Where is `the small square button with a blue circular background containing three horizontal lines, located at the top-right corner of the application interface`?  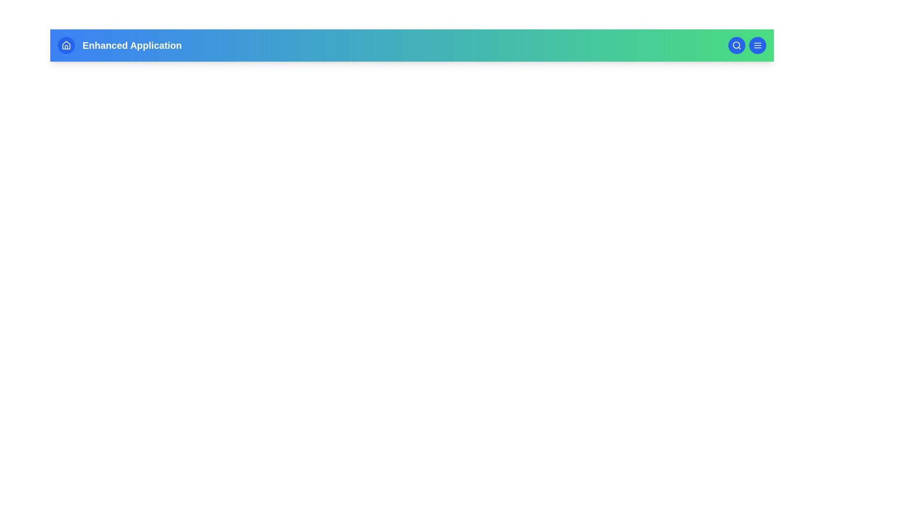
the small square button with a blue circular background containing three horizontal lines, located at the top-right corner of the application interface is located at coordinates (757, 46).